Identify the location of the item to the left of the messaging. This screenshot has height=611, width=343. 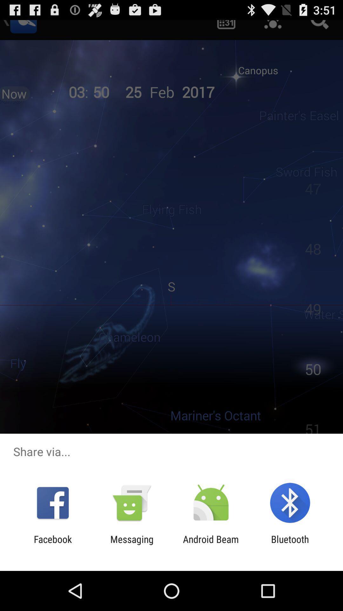
(52, 544).